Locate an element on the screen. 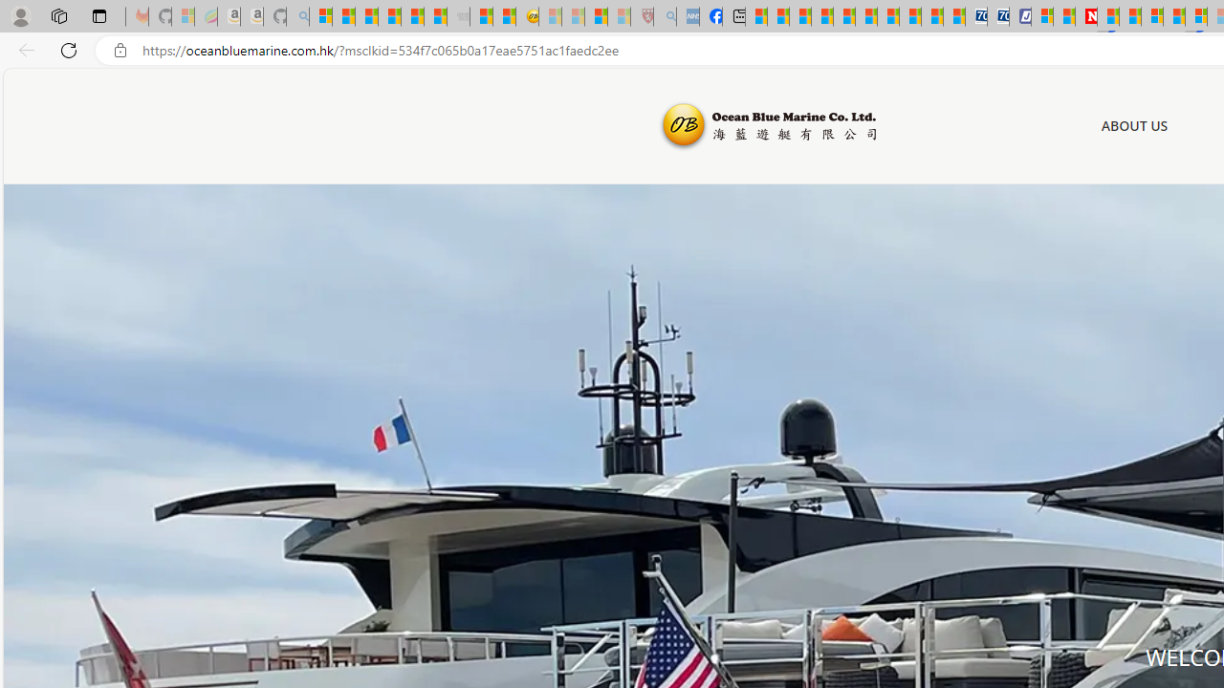 This screenshot has height=688, width=1224. 'ABOUT US' is located at coordinates (1134, 125).